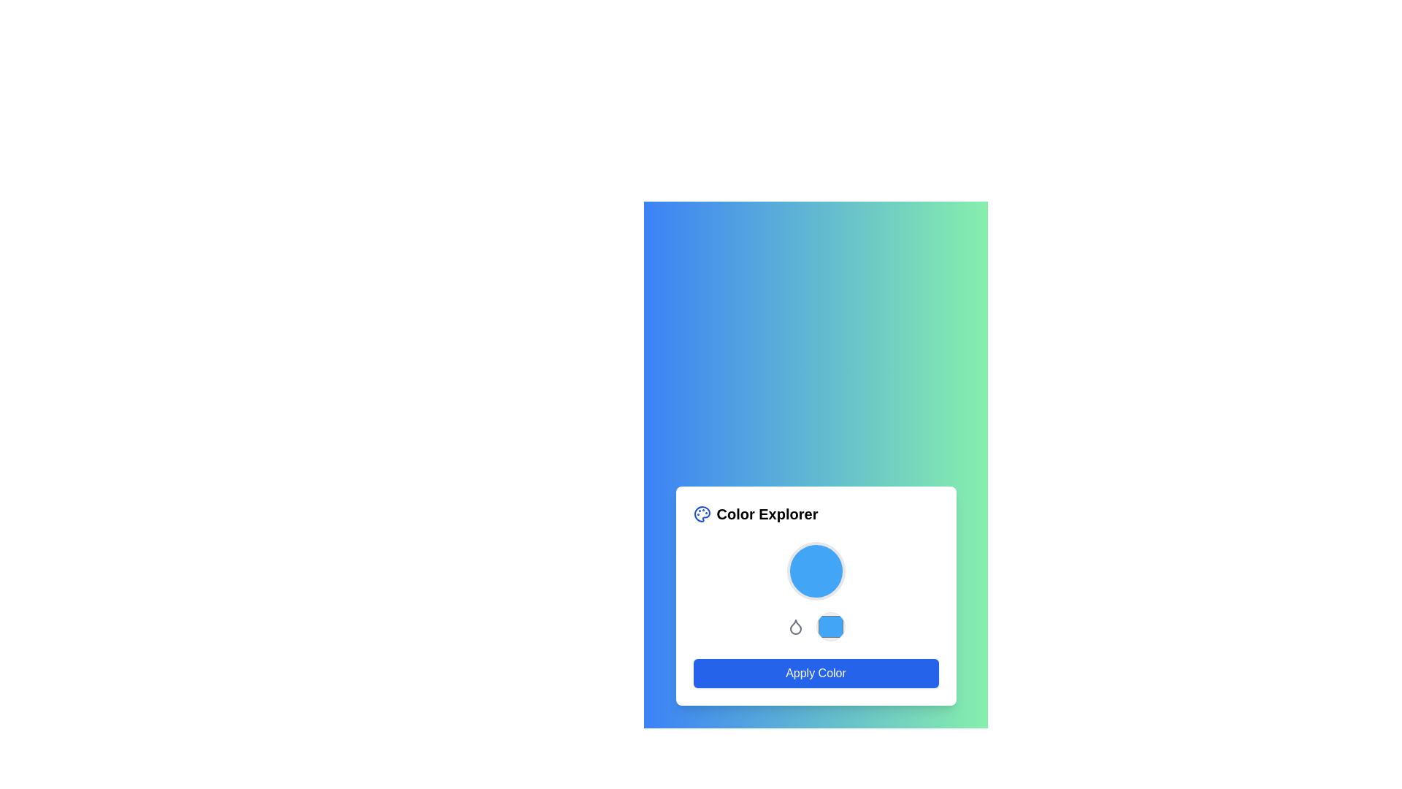  What do you see at coordinates (815, 673) in the screenshot?
I see `the 'Apply Color' button, which is a wide rectangular button with rounded corners, bold blue background, and white text, located at the bottom of the 'Color Explorer' card` at bounding box center [815, 673].